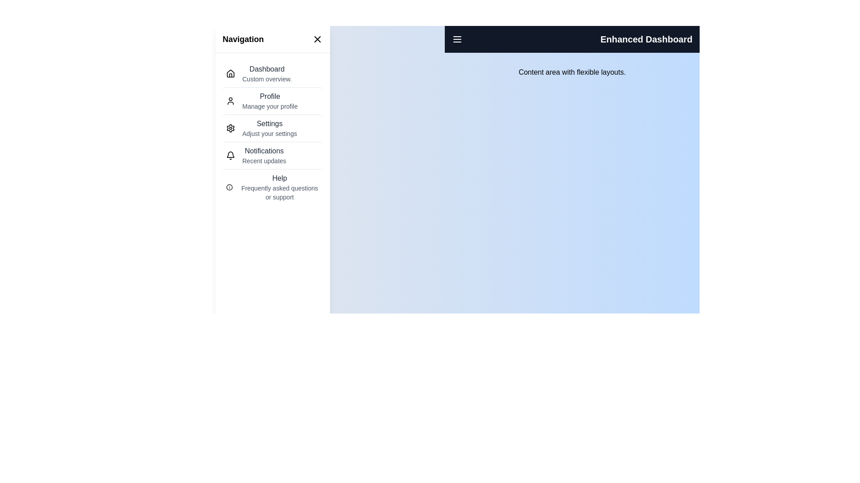 This screenshot has width=860, height=483. What do you see at coordinates (272, 100) in the screenshot?
I see `the 'Profile' navigation option in the sidebar menu` at bounding box center [272, 100].